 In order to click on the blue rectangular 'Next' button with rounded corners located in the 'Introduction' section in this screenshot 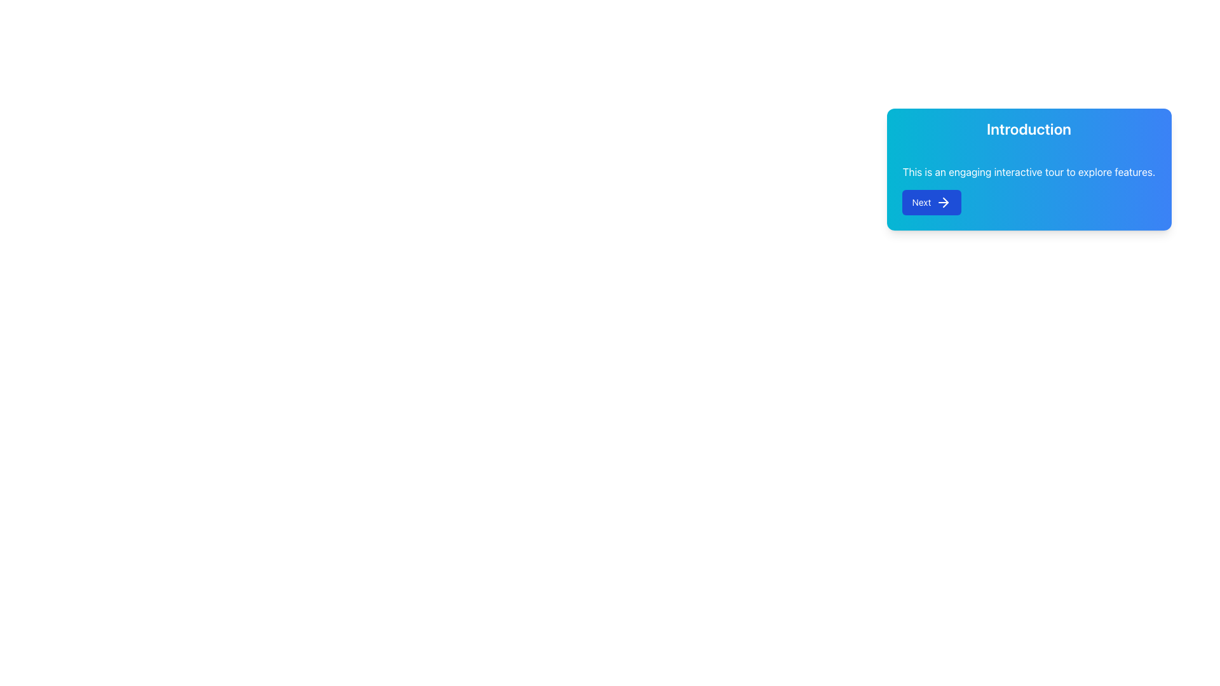, I will do `click(932, 202)`.